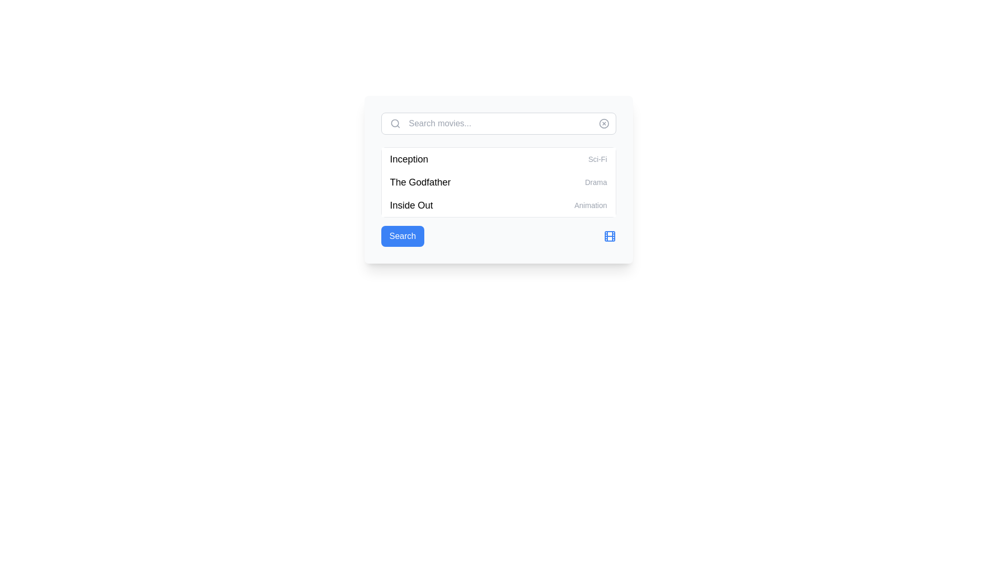 The image size is (1007, 566). I want to click on the text label displaying 'Sci-Fi', which is aligned to the right of the larger text 'Inception' and is part of the movie entry list, so click(597, 159).